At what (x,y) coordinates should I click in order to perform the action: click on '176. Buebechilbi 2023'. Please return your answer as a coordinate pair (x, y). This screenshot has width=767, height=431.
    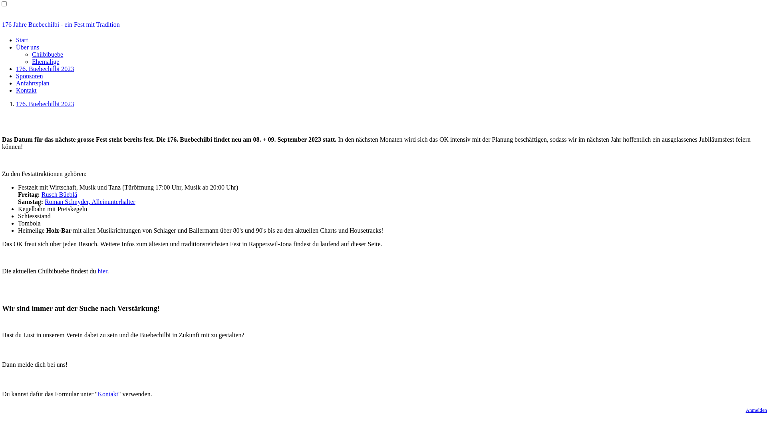
    Looking at the image, I should click on (44, 68).